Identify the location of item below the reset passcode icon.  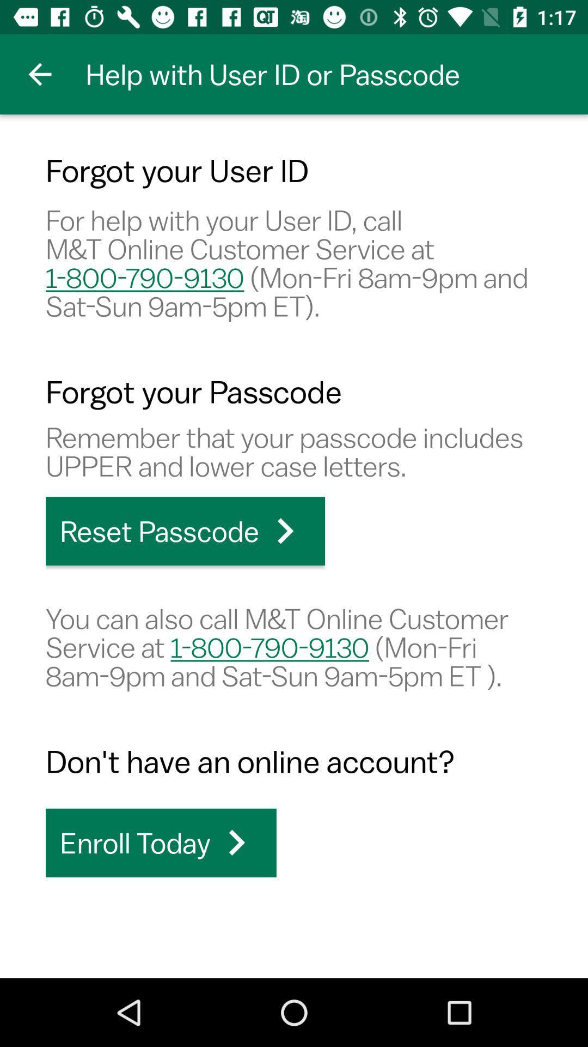
(294, 647).